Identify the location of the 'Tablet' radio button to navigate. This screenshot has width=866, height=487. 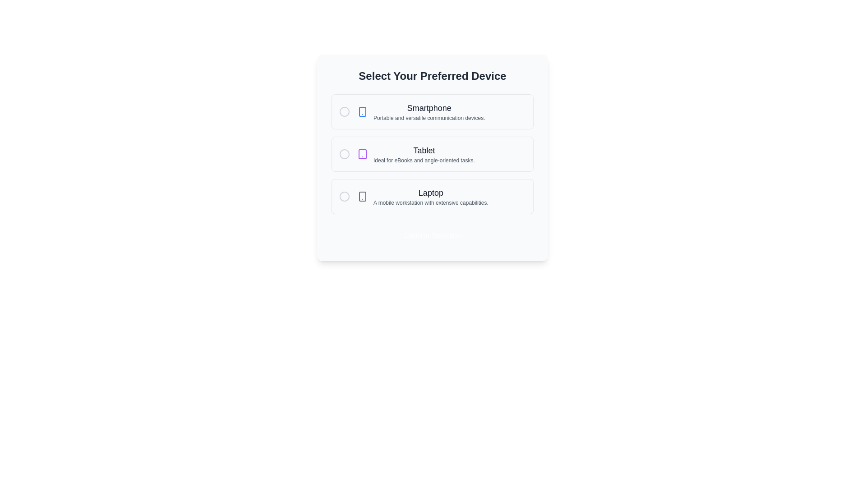
(344, 154).